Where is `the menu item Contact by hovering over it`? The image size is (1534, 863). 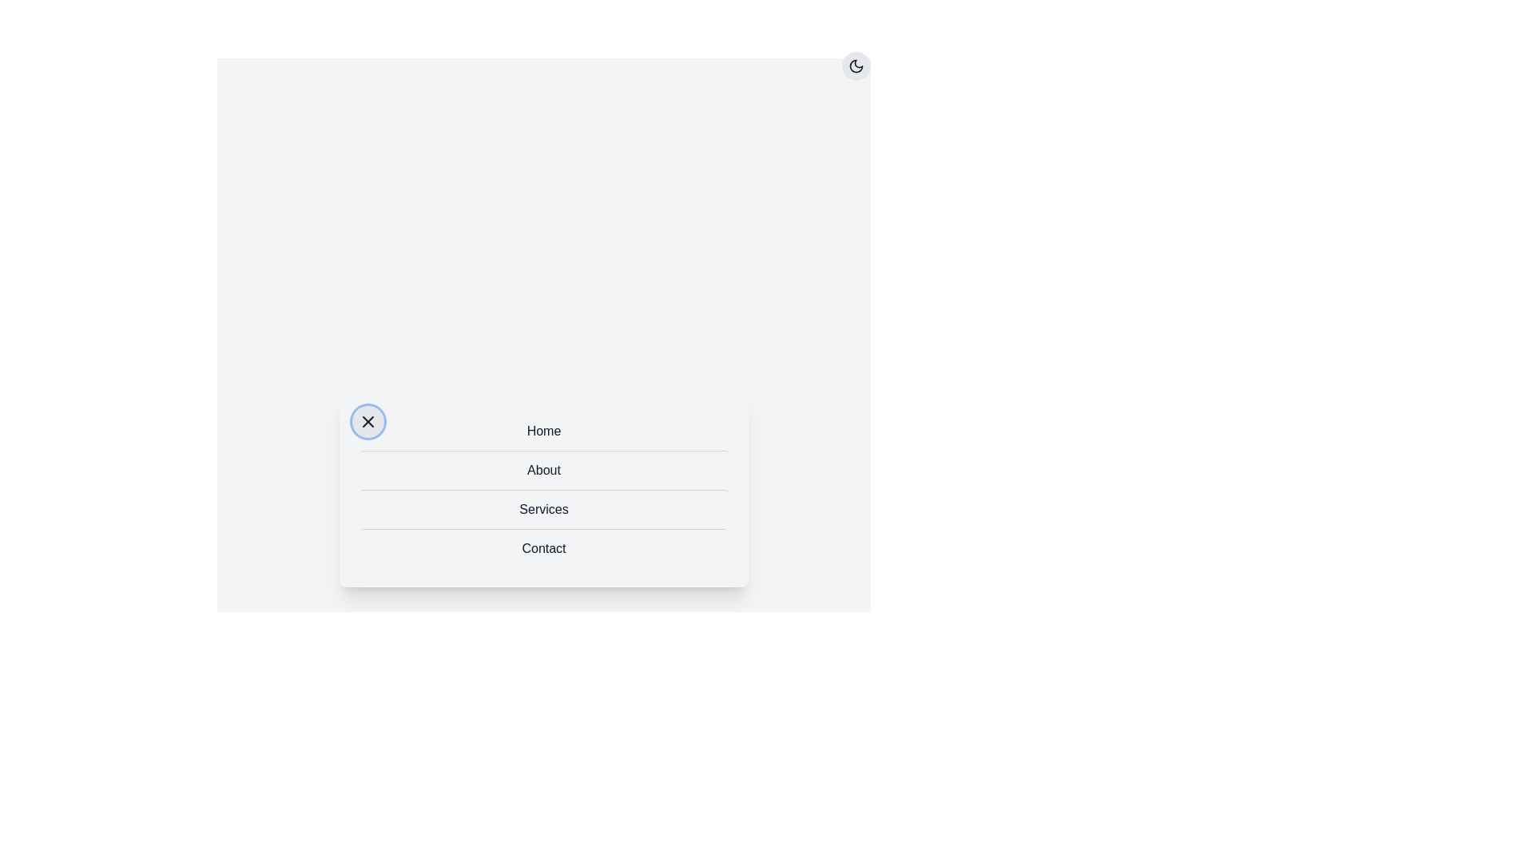
the menu item Contact by hovering over it is located at coordinates (544, 547).